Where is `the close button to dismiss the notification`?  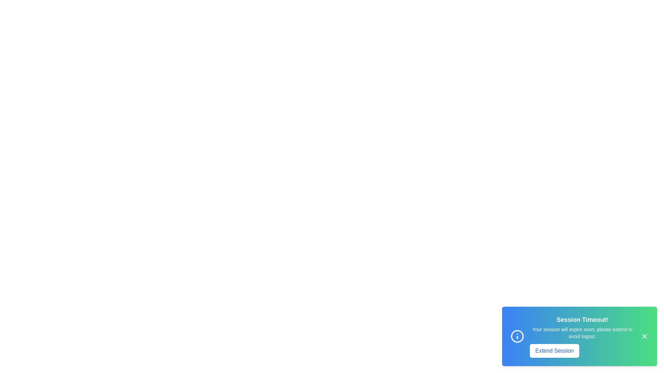
the close button to dismiss the notification is located at coordinates (644, 336).